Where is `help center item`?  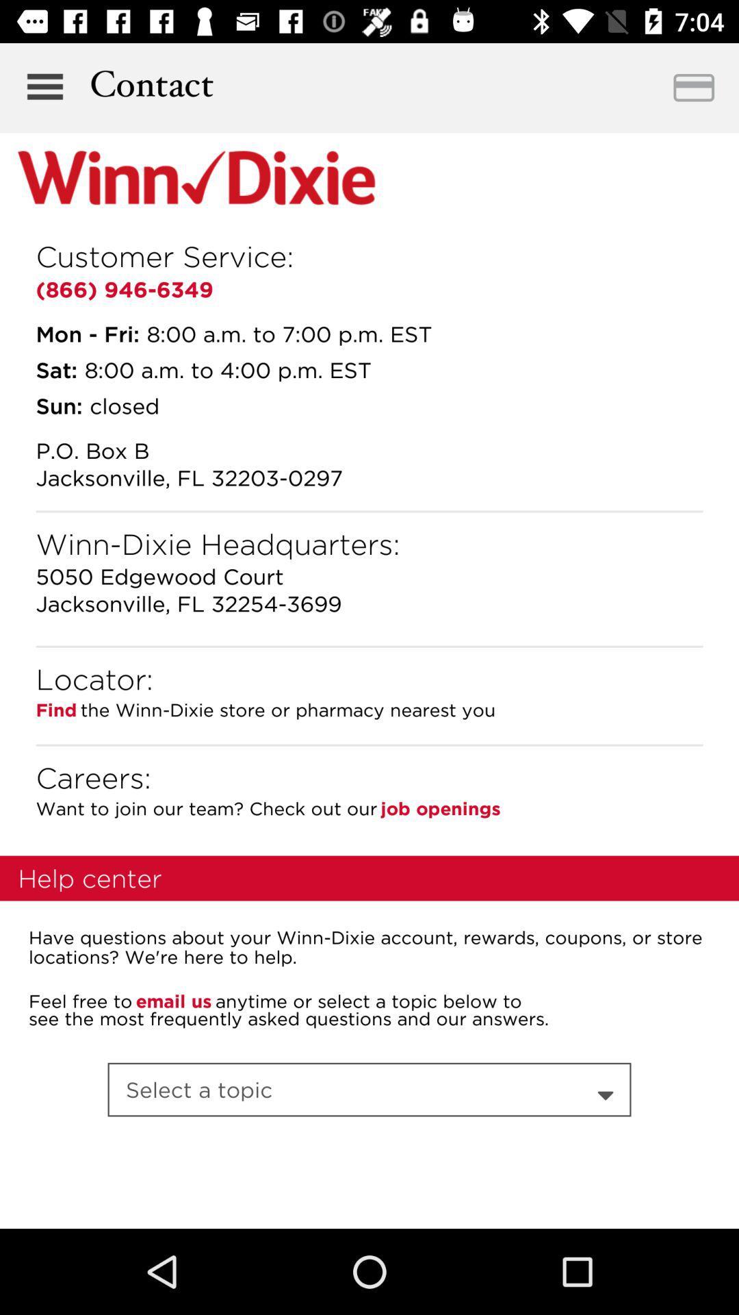
help center item is located at coordinates (90, 878).